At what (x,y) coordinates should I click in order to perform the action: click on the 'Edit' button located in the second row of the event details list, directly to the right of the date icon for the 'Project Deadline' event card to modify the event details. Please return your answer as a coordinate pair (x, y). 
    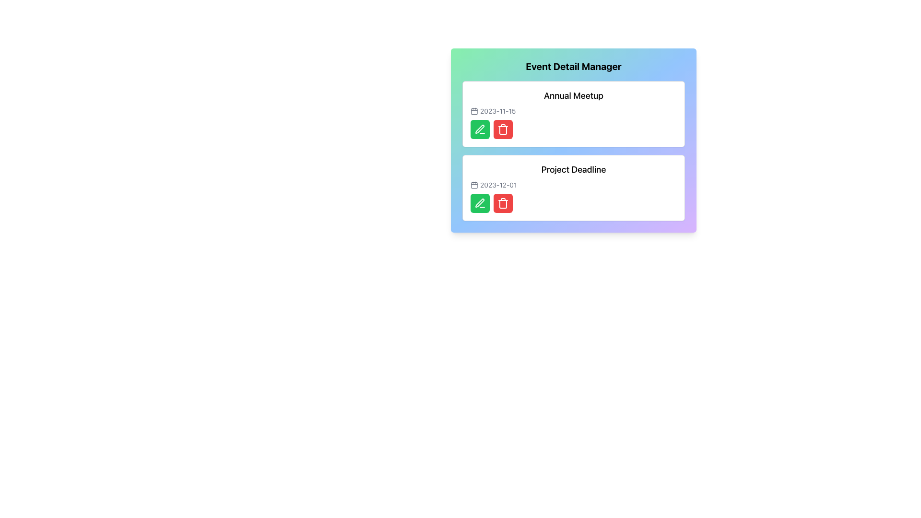
    Looking at the image, I should click on (480, 203).